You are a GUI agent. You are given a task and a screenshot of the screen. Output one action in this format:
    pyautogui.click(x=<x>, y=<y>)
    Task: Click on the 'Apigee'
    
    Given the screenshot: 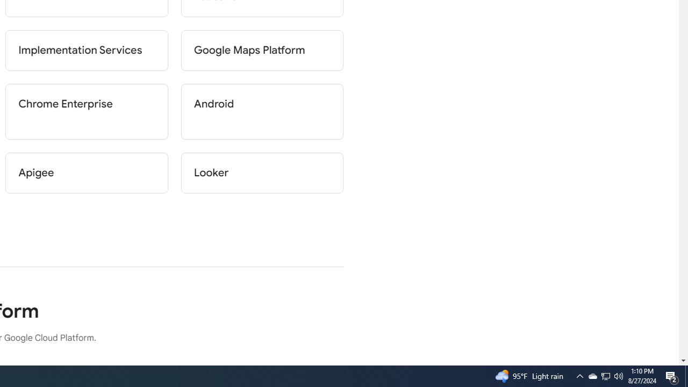 What is the action you would take?
    pyautogui.click(x=87, y=172)
    